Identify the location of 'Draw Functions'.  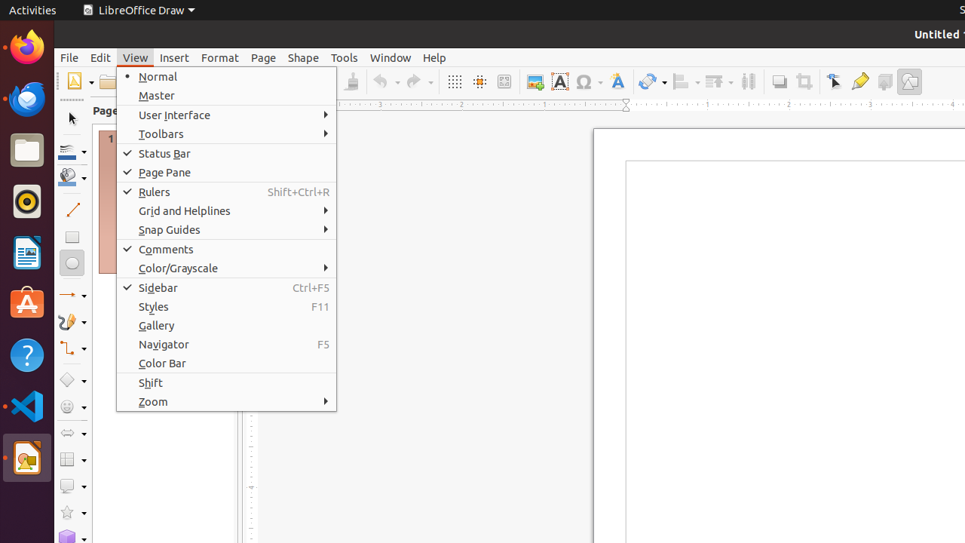
(908, 81).